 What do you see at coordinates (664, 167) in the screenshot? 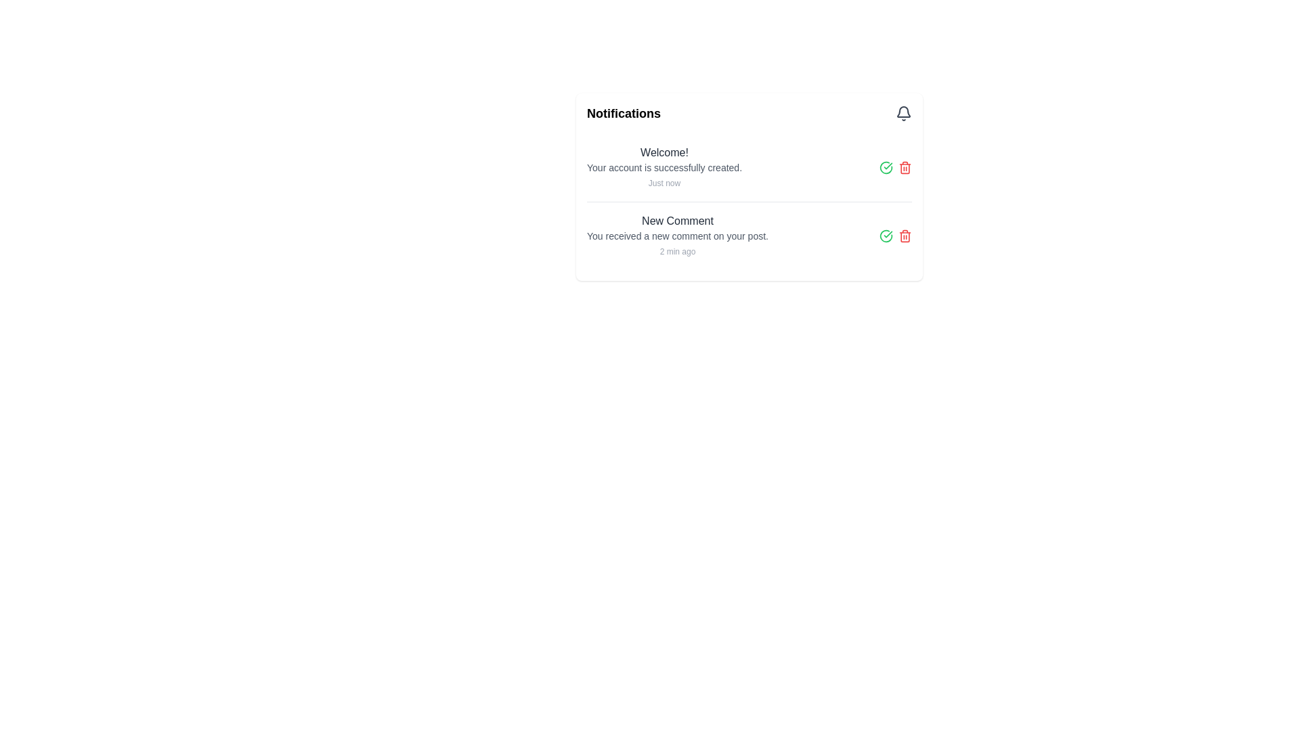
I see `the notification Text Block that displays information about the successful creation of a user account and provides a timestamp` at bounding box center [664, 167].